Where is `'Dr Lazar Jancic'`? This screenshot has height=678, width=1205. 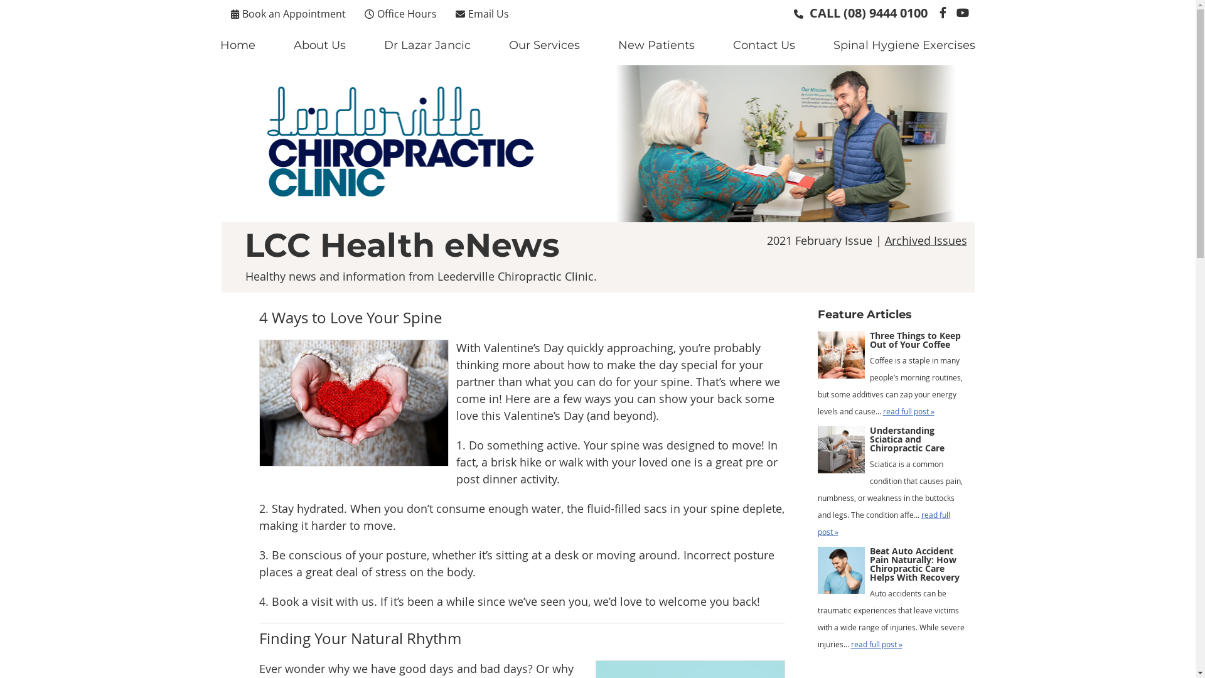 'Dr Lazar Jancic' is located at coordinates (364, 45).